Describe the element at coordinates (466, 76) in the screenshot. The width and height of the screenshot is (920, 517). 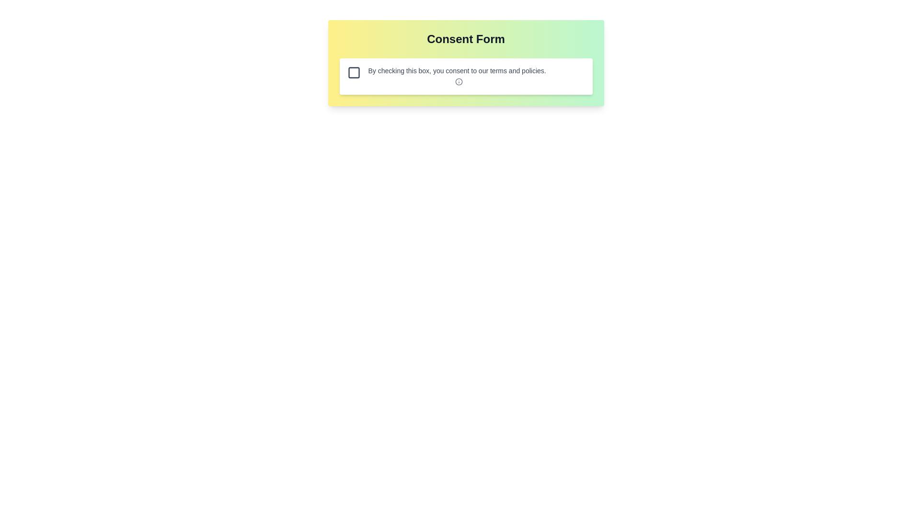
I see `the checkbox in the consent form panel` at that location.